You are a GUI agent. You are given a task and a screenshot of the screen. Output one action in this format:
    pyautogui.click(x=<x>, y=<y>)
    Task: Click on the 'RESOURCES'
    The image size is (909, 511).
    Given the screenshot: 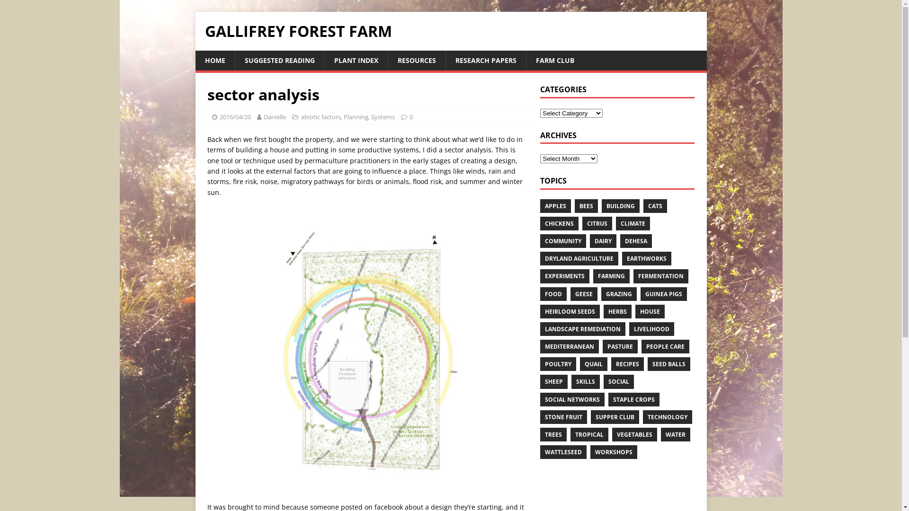 What is the action you would take?
    pyautogui.click(x=387, y=60)
    